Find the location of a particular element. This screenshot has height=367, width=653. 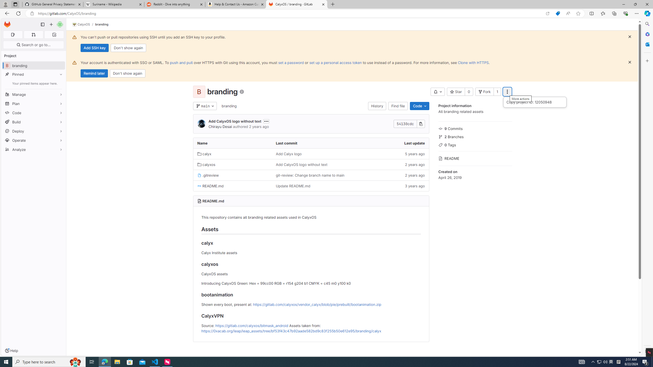

'History' is located at coordinates (377, 106).